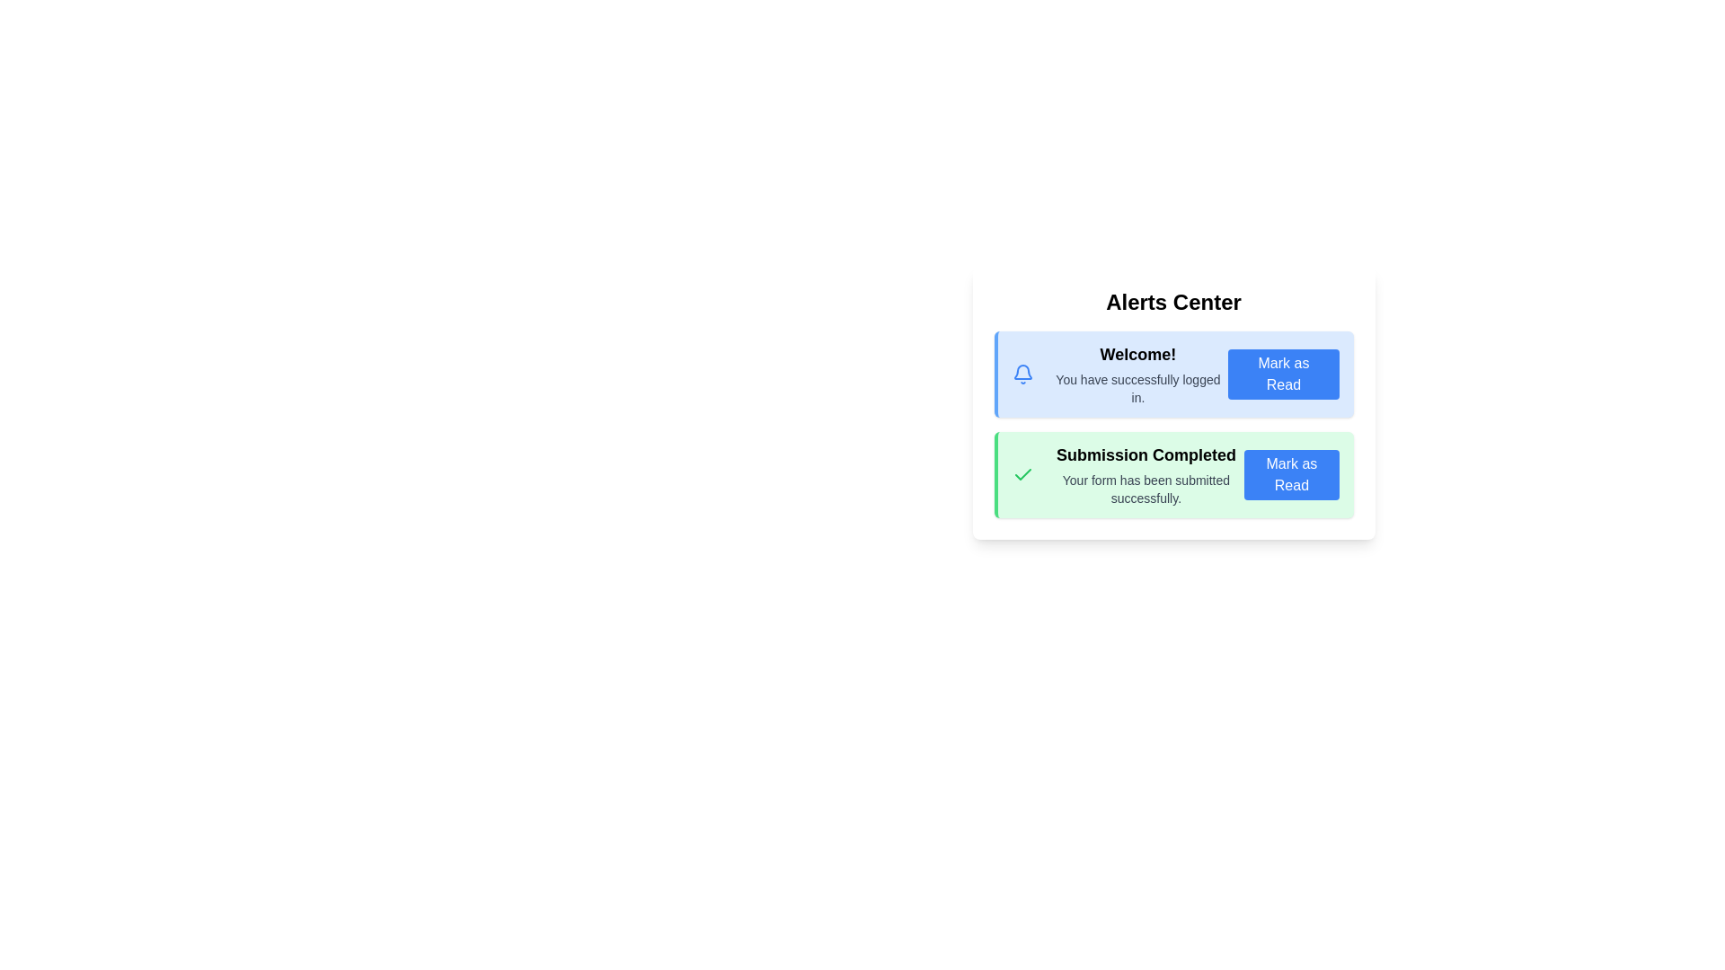 The width and height of the screenshot is (1725, 970). I want to click on heading text indicating the completion of a form submission located in the second alert card of the 'Alerts Center' section, so click(1145, 454).